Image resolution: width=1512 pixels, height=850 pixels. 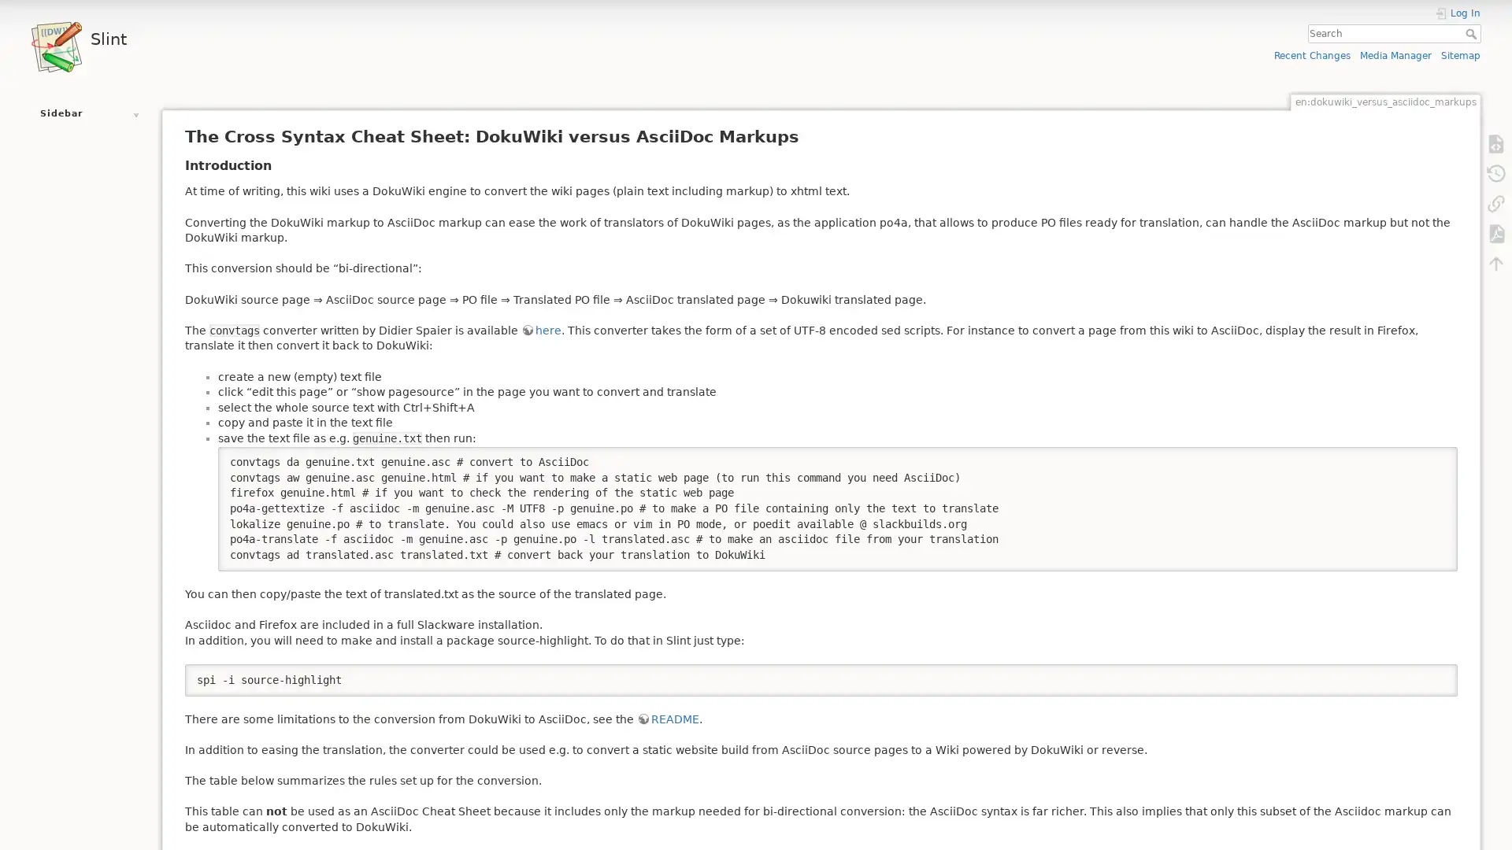 What do you see at coordinates (1472, 33) in the screenshot?
I see `Search` at bounding box center [1472, 33].